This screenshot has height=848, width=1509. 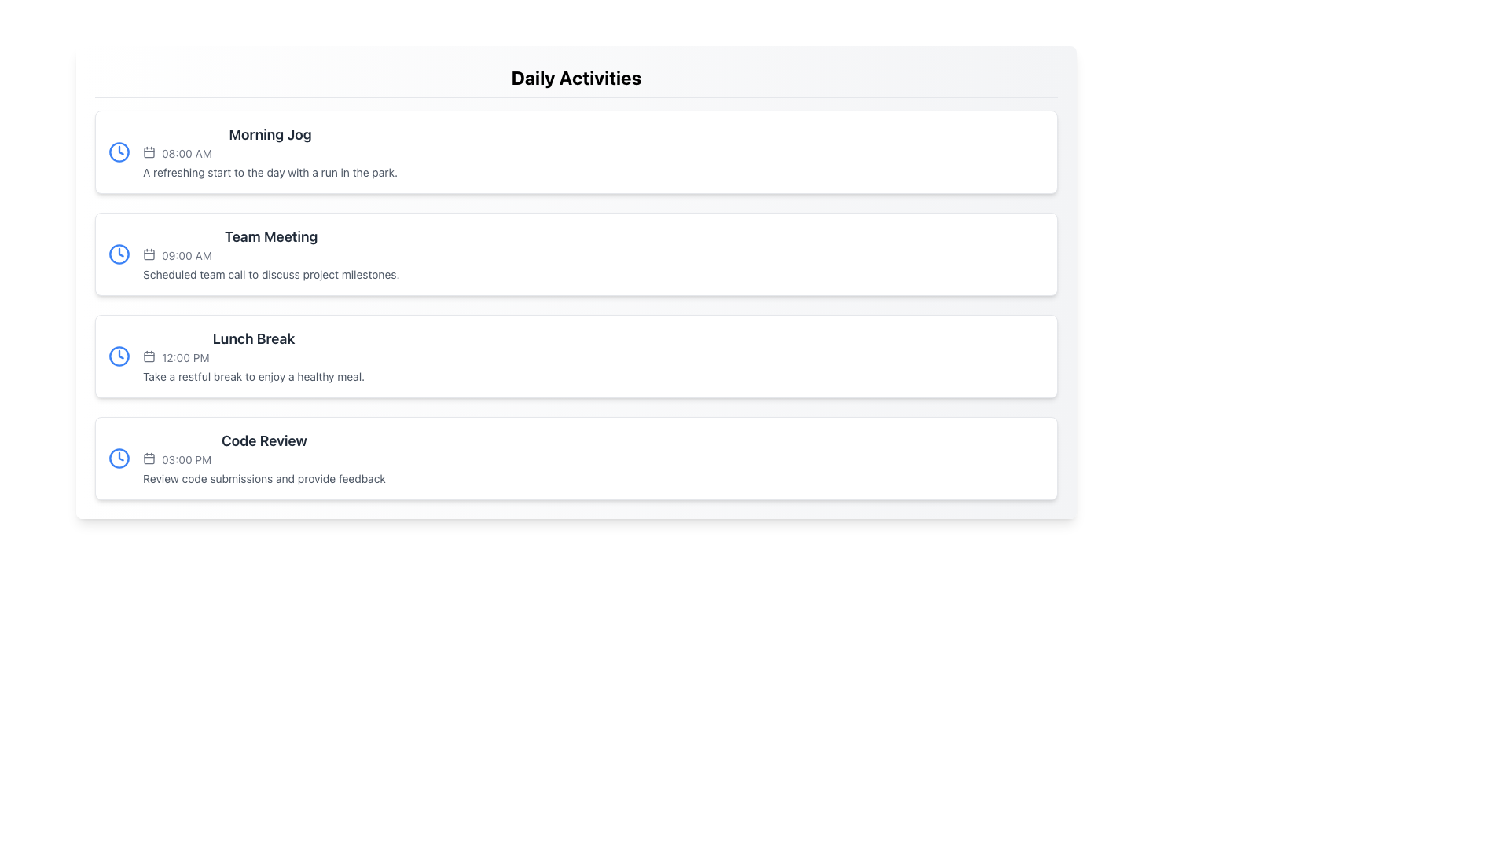 I want to click on the SVG Circle element of the clock icon, which is part of a structured list containing events or tasks, located to the left of the text 'Morning Jog', so click(x=119, y=152).